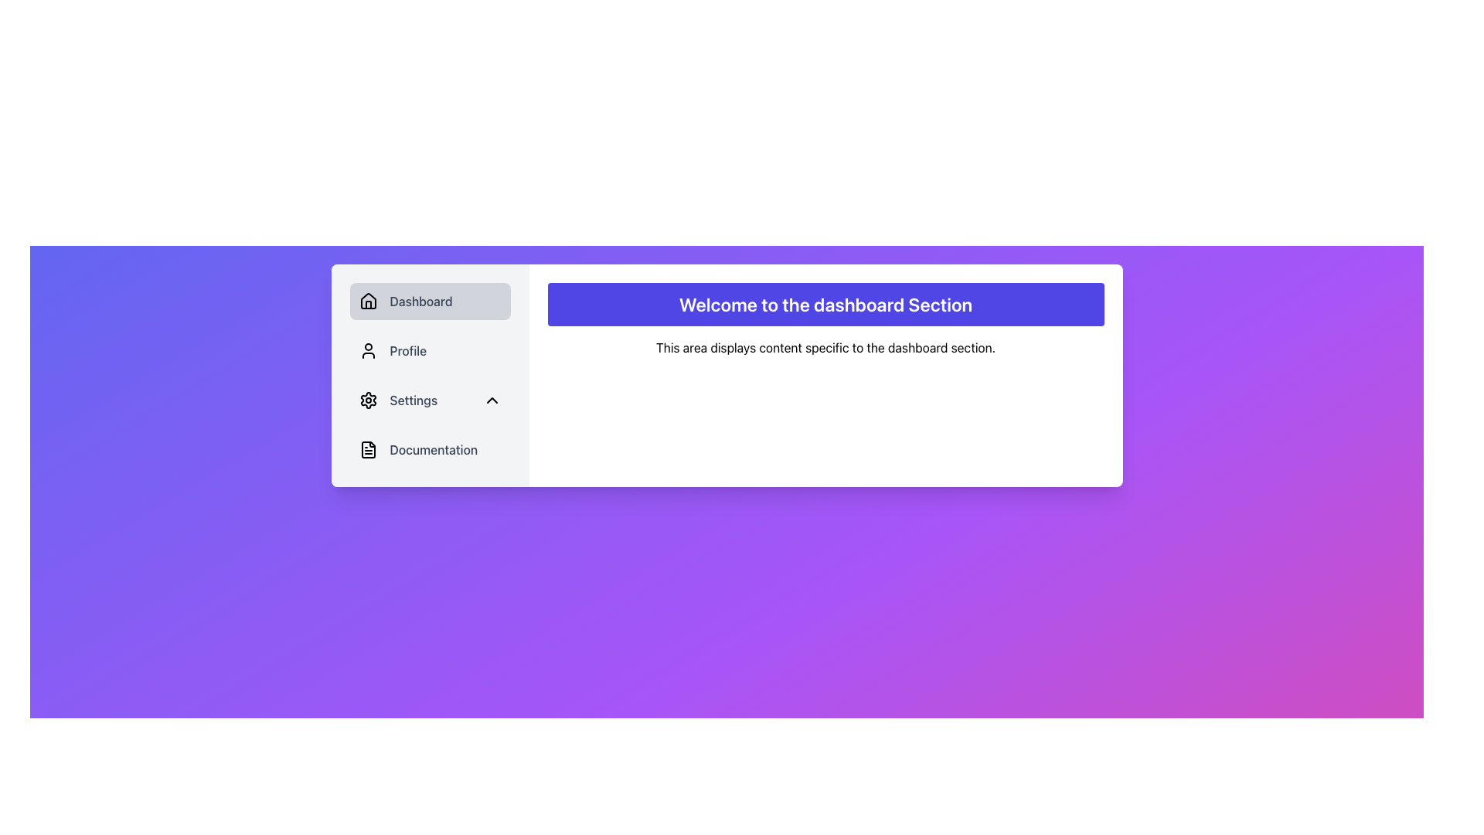 The image size is (1484, 835). What do you see at coordinates (367, 450) in the screenshot?
I see `the 'Documentation' menu item icon located in the vertical sidebar menu, positioned below the 'Settings' item and adjacent to the 'Documentation' label` at bounding box center [367, 450].